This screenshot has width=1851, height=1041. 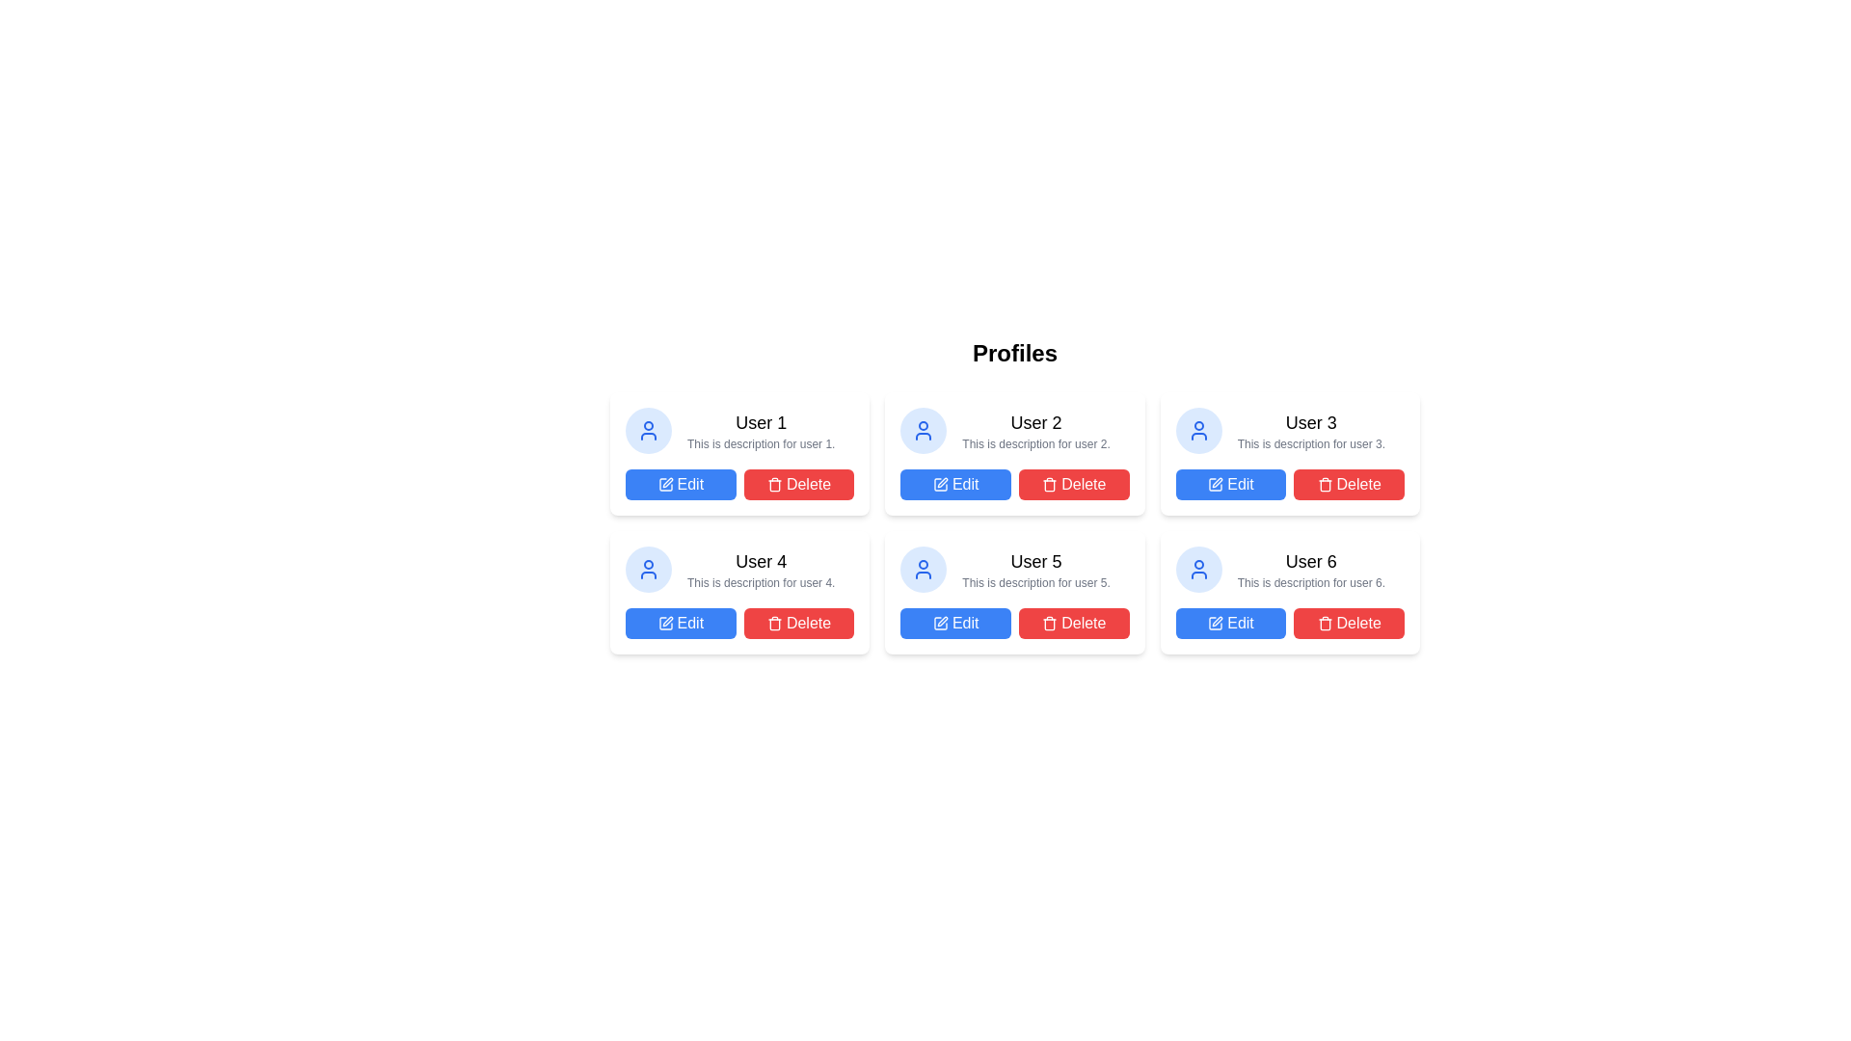 I want to click on the pen icon embedded within the 'Edit' button located beneath the 'User 2' profile card, so click(x=942, y=482).